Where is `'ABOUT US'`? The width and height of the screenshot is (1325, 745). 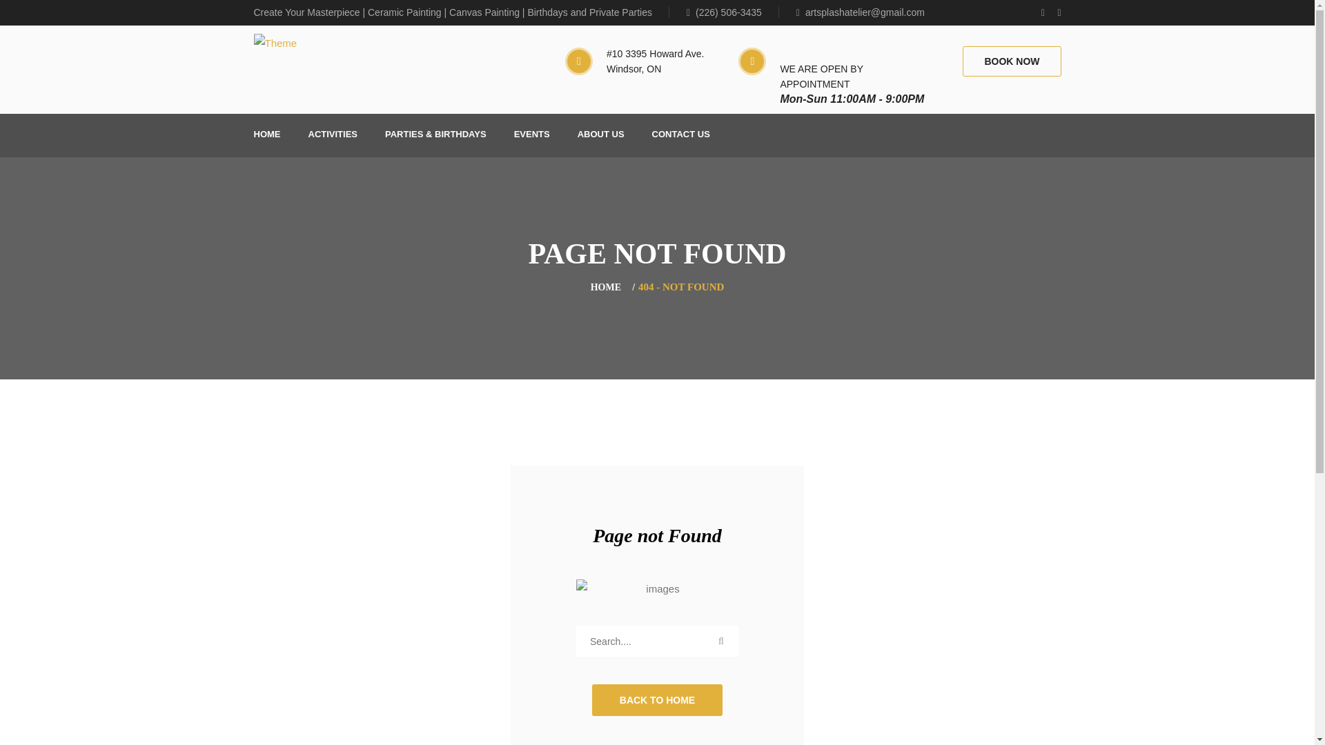
'ABOUT US' is located at coordinates (600, 135).